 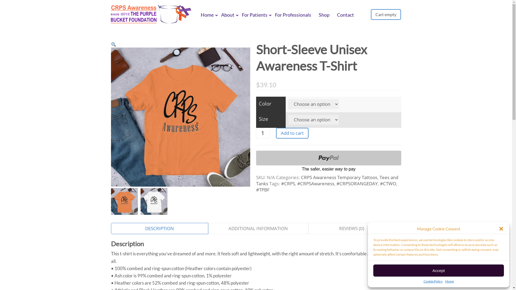 I want to click on 'Cookie Policy', so click(x=423, y=281).